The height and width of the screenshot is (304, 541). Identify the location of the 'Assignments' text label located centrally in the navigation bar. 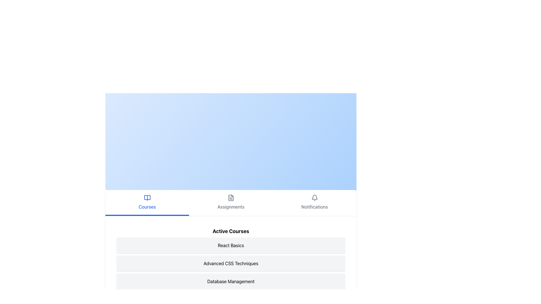
(231, 207).